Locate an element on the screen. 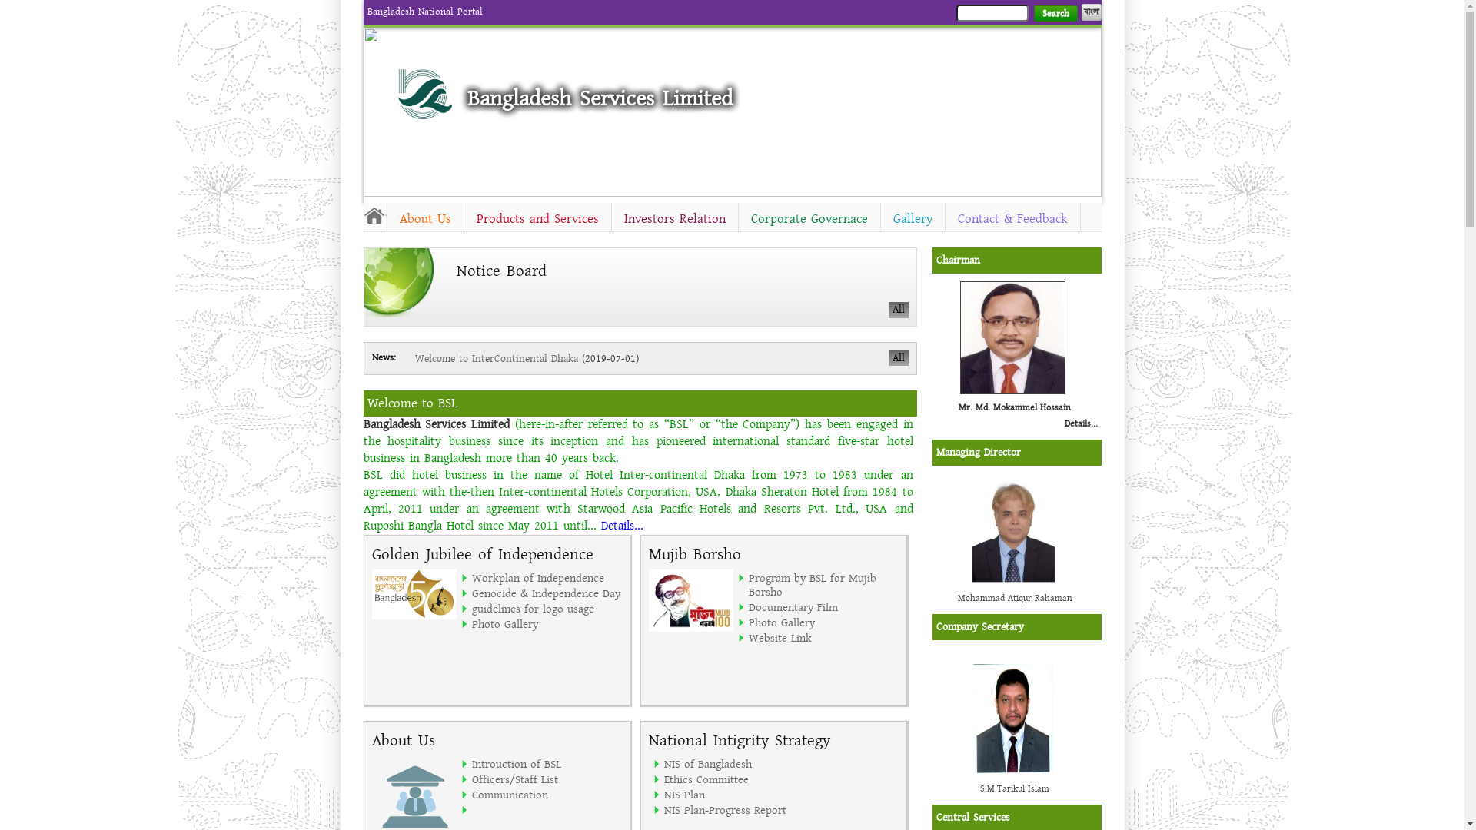  'Photo Gallery' is located at coordinates (547, 624).